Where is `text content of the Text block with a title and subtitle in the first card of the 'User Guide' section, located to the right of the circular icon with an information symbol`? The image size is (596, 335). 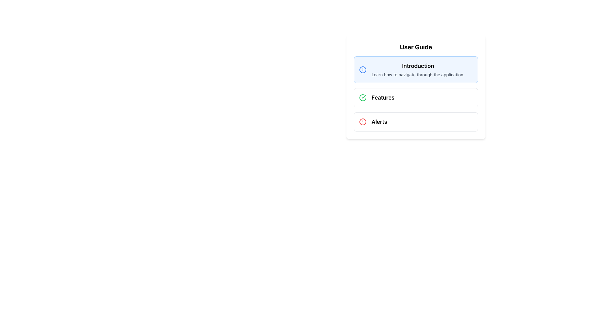
text content of the Text block with a title and subtitle in the first card of the 'User Guide' section, located to the right of the circular icon with an information symbol is located at coordinates (418, 69).